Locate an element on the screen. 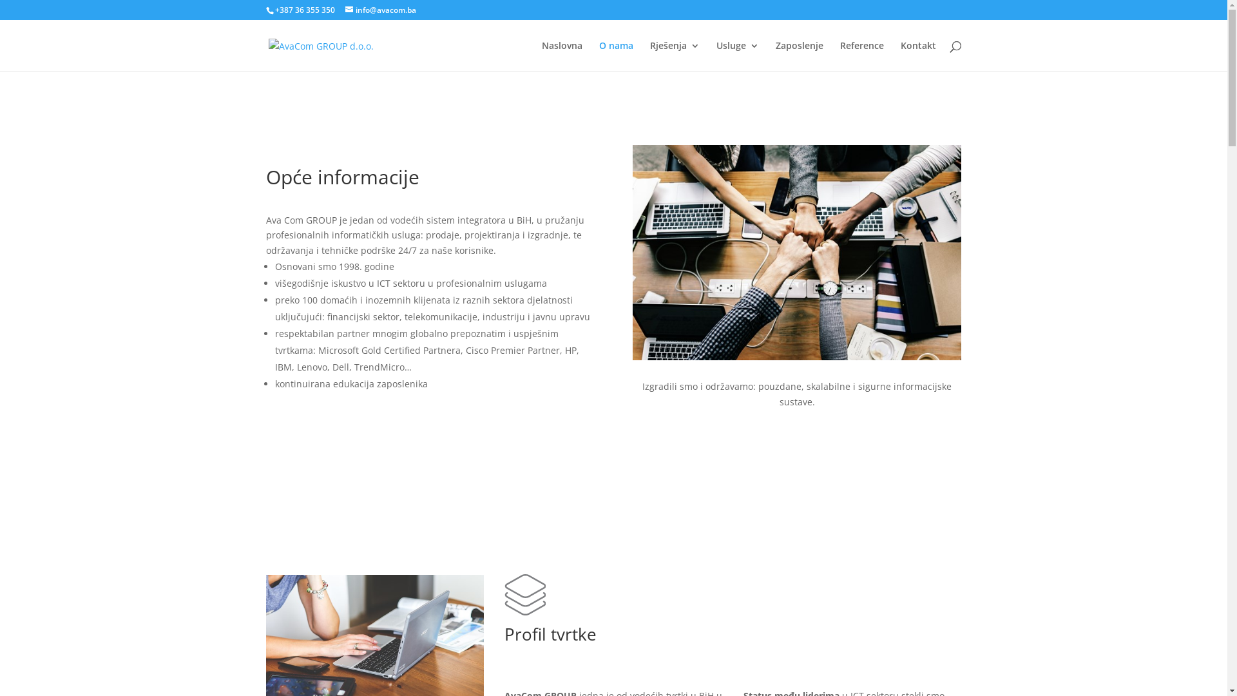 Image resolution: width=1237 pixels, height=696 pixels. 'Usluge' is located at coordinates (738, 55).